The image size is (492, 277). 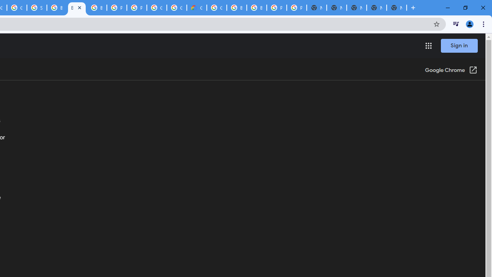 I want to click on 'Google Cloud Platform', so click(x=156, y=8).